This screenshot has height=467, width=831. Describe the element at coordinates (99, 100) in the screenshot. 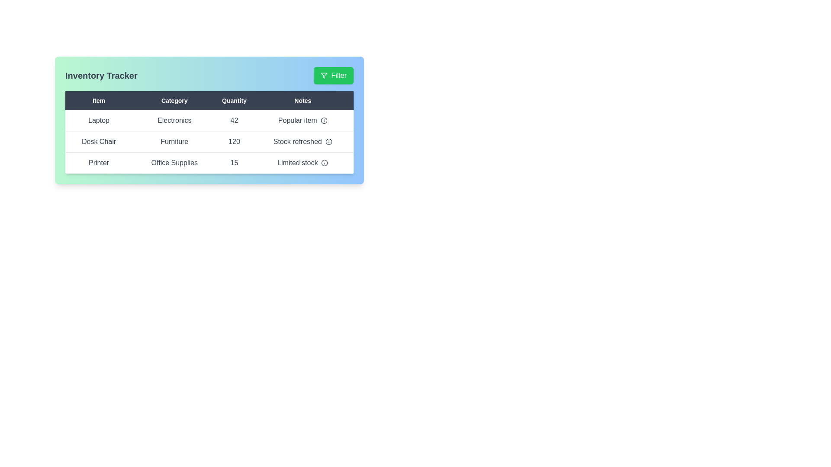

I see `the column header Item to sort the table by that column` at that location.